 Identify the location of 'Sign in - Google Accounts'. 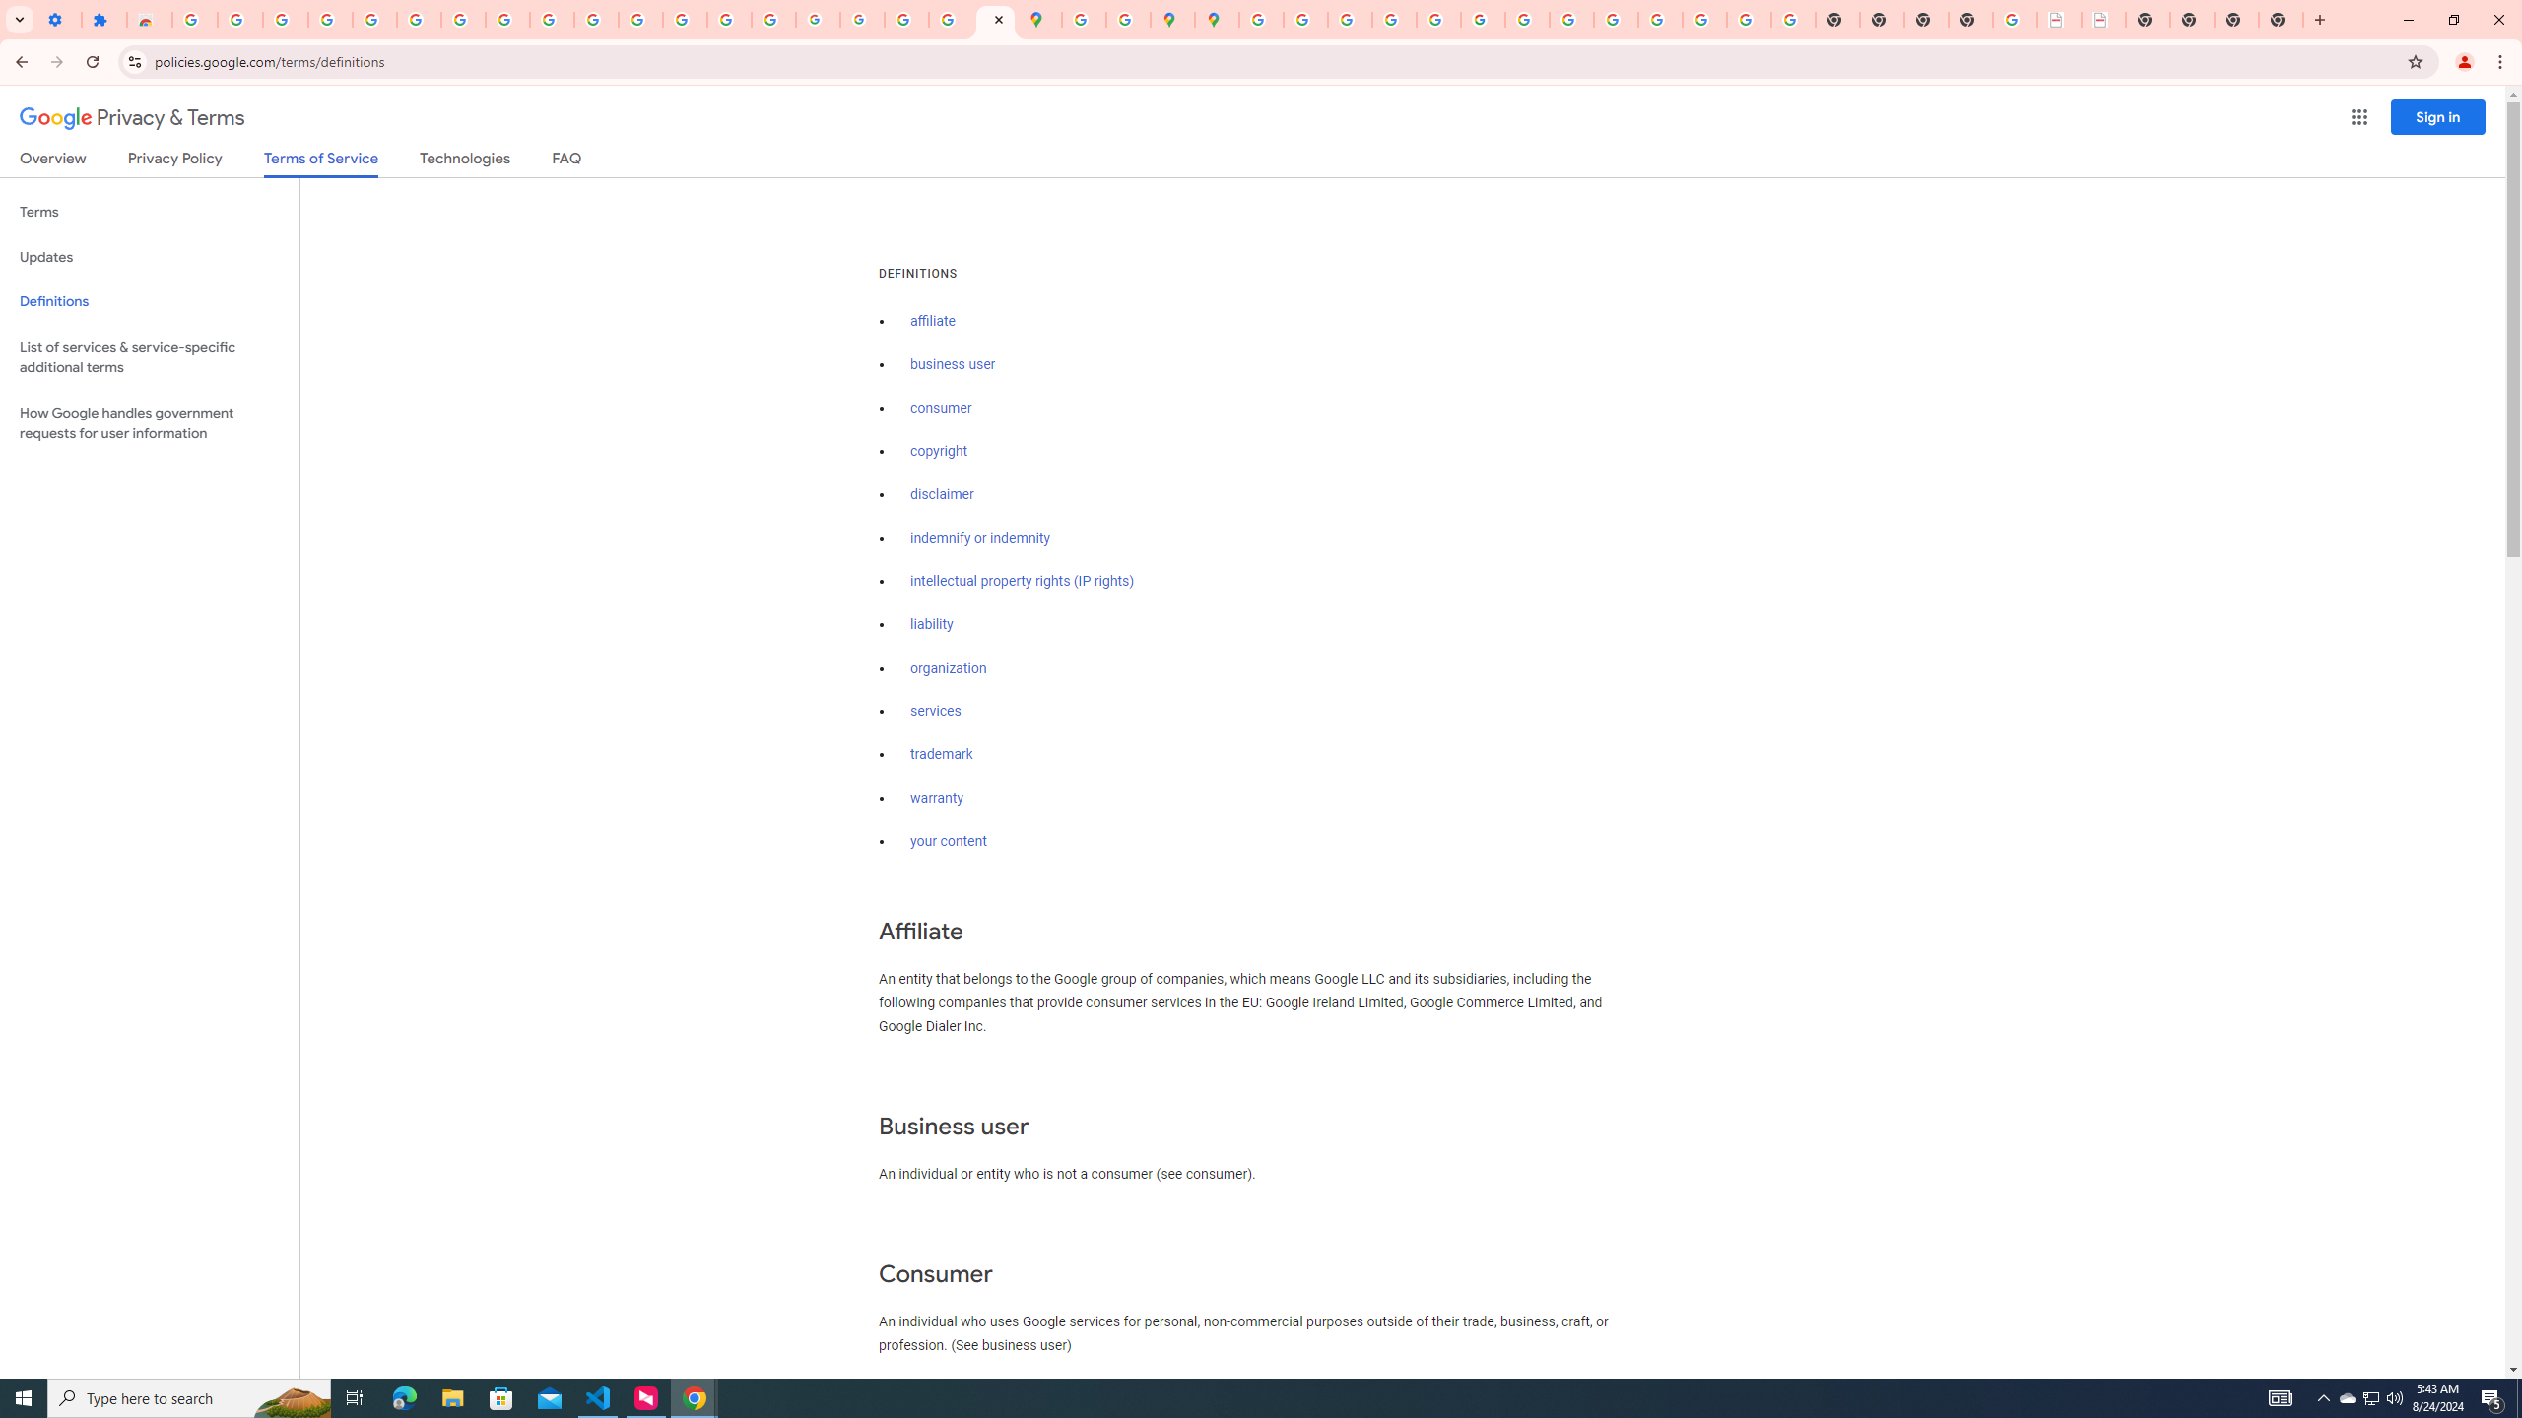
(194, 19).